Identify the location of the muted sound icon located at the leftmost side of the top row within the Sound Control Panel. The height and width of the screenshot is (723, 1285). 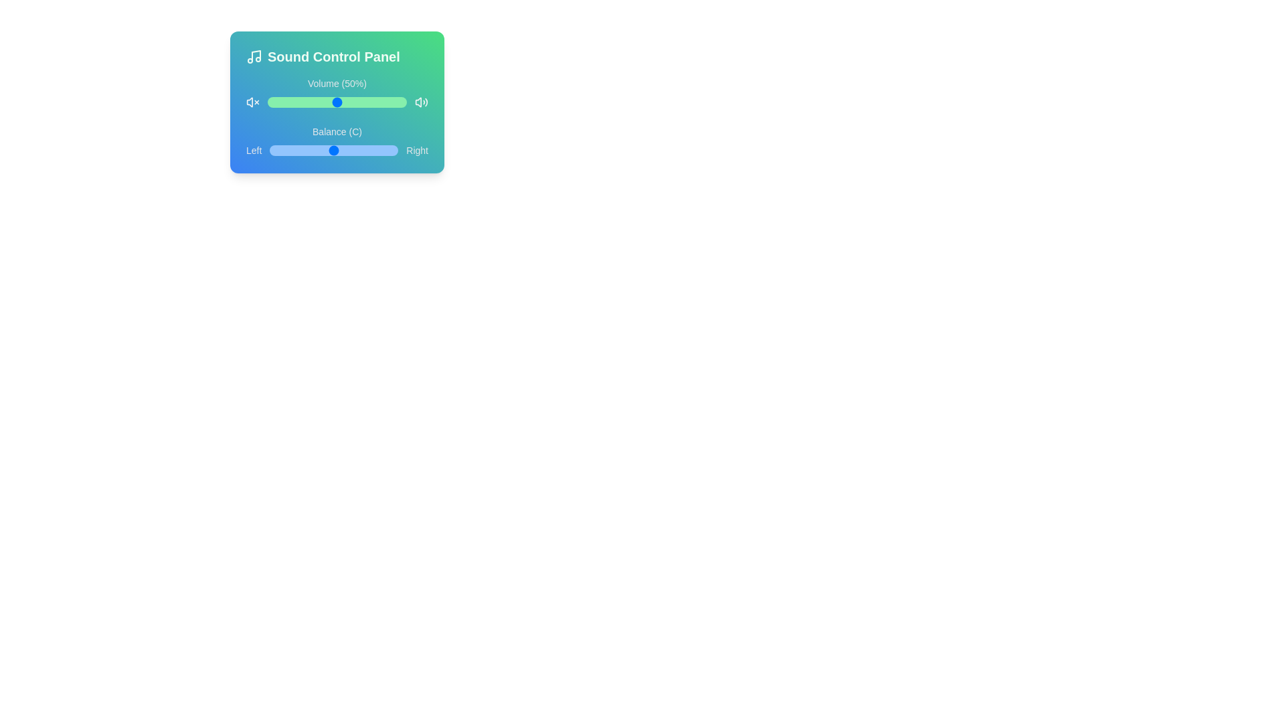
(253, 102).